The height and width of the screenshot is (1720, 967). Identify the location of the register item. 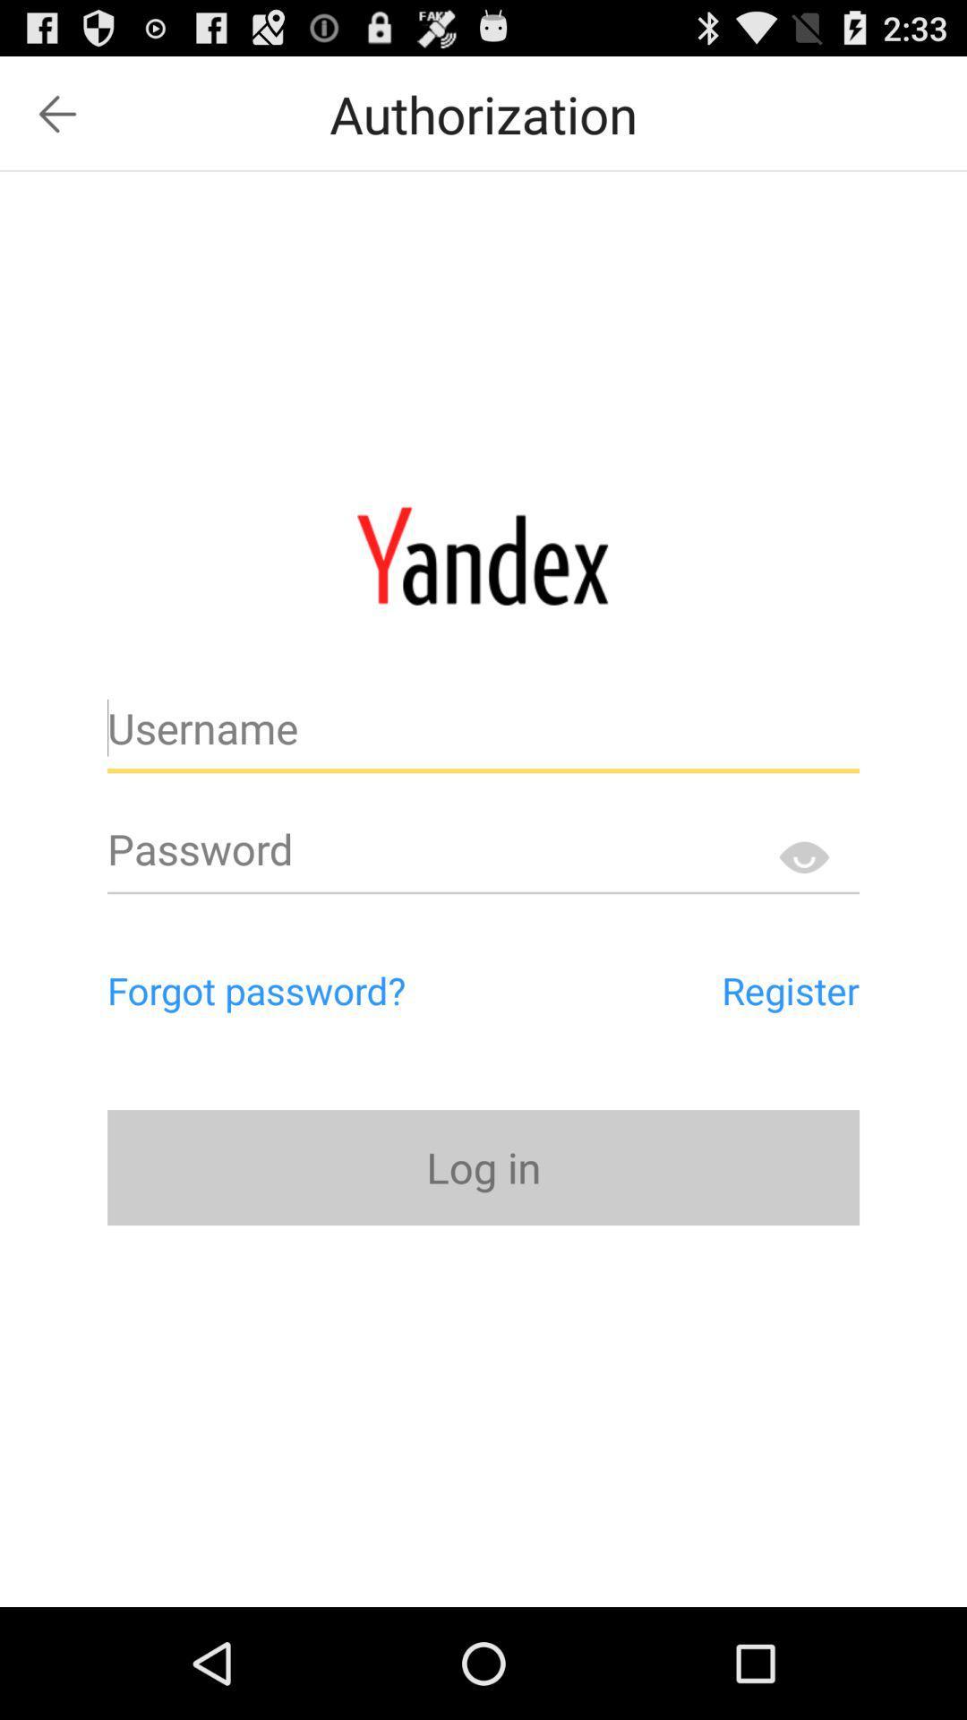
(707, 989).